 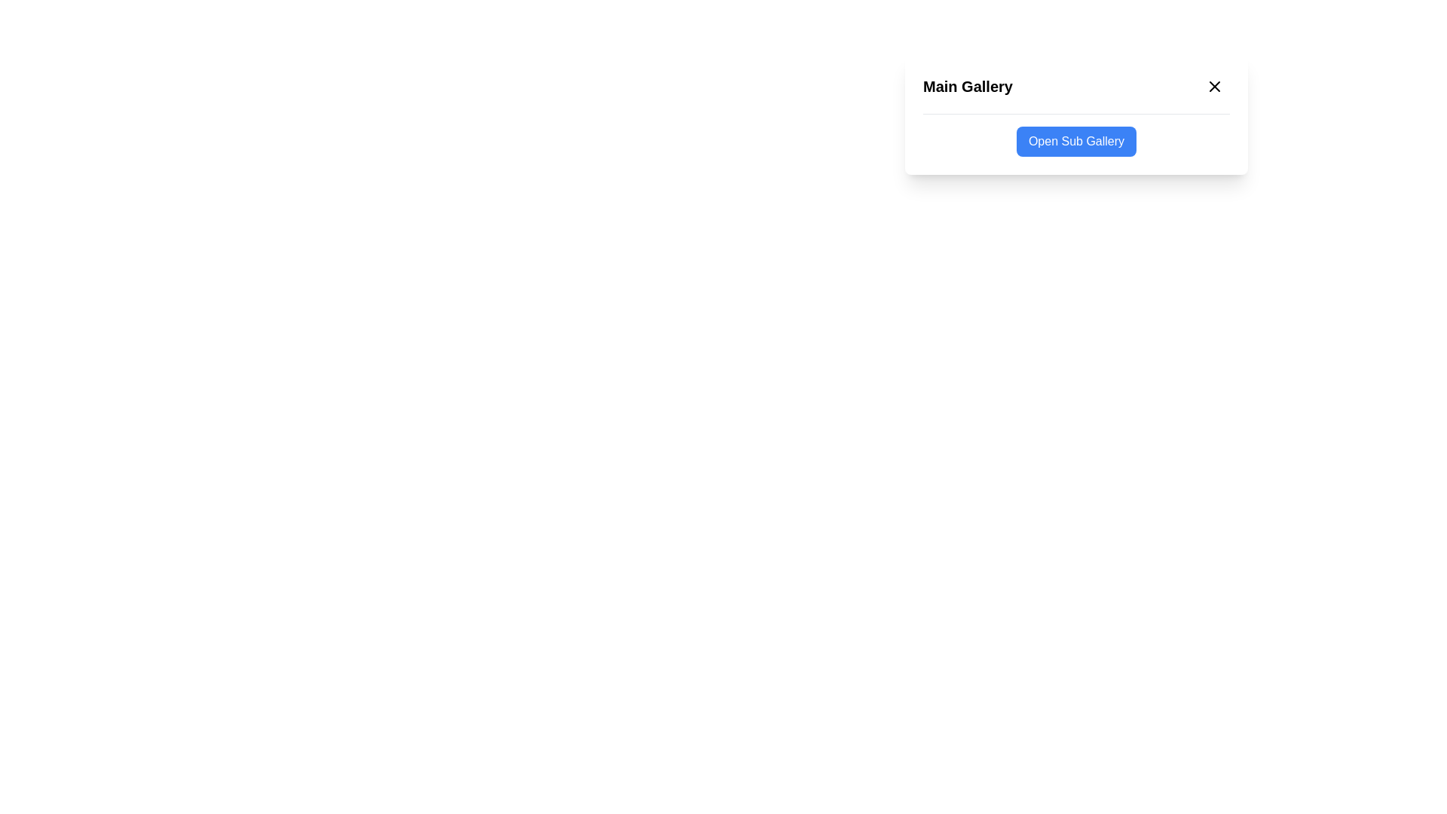 I want to click on the close button containing an 'X' icon located in the top-right corner of the 'Main Gallery' interface, so click(x=1215, y=87).